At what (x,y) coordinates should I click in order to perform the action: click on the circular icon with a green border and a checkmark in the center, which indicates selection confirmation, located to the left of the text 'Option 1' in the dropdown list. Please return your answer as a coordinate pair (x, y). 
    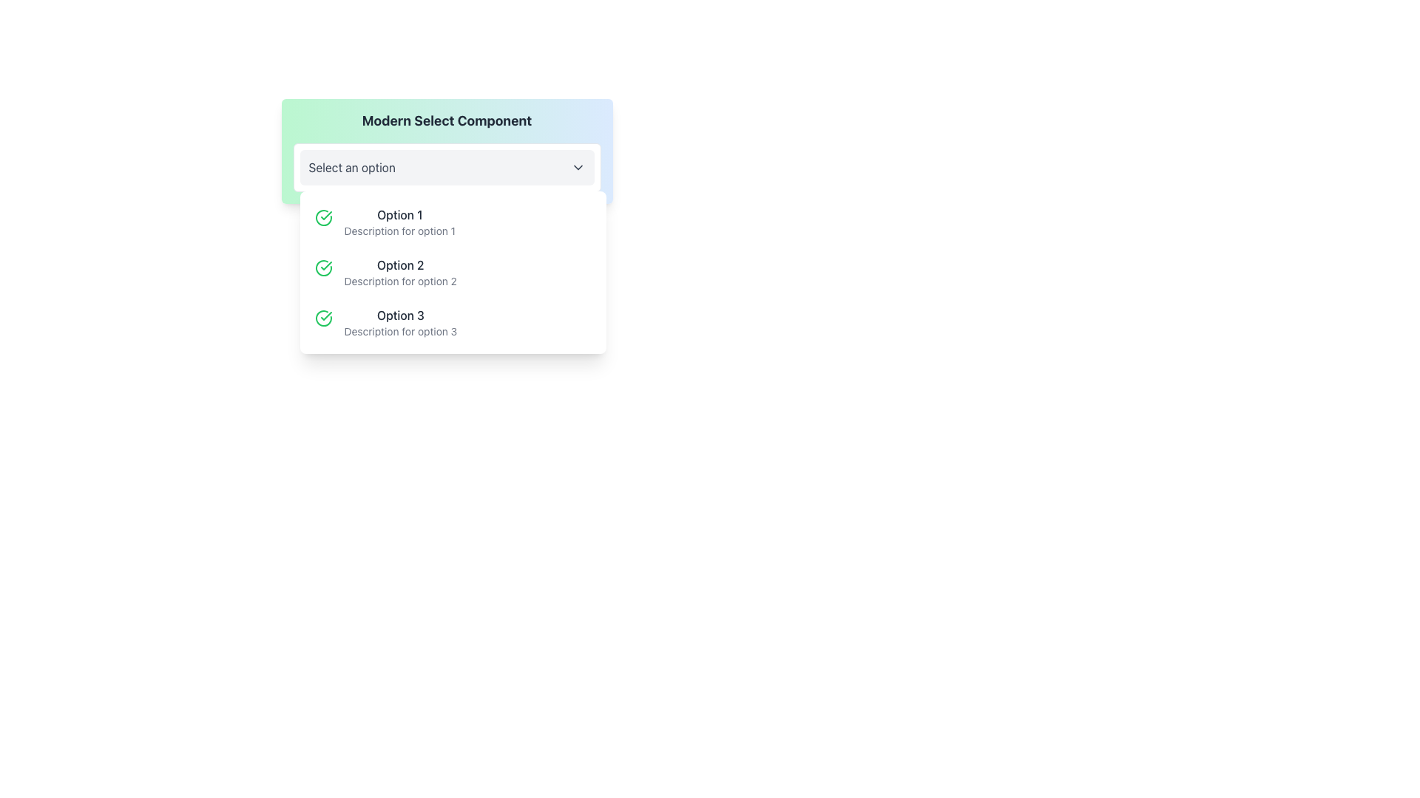
    Looking at the image, I should click on (322, 217).